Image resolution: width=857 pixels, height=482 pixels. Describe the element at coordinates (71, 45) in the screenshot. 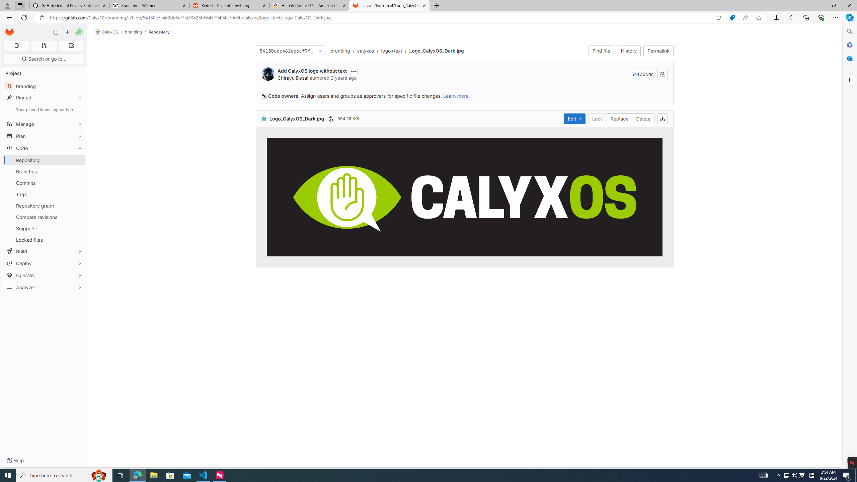

I see `'To-Do list 0'` at that location.